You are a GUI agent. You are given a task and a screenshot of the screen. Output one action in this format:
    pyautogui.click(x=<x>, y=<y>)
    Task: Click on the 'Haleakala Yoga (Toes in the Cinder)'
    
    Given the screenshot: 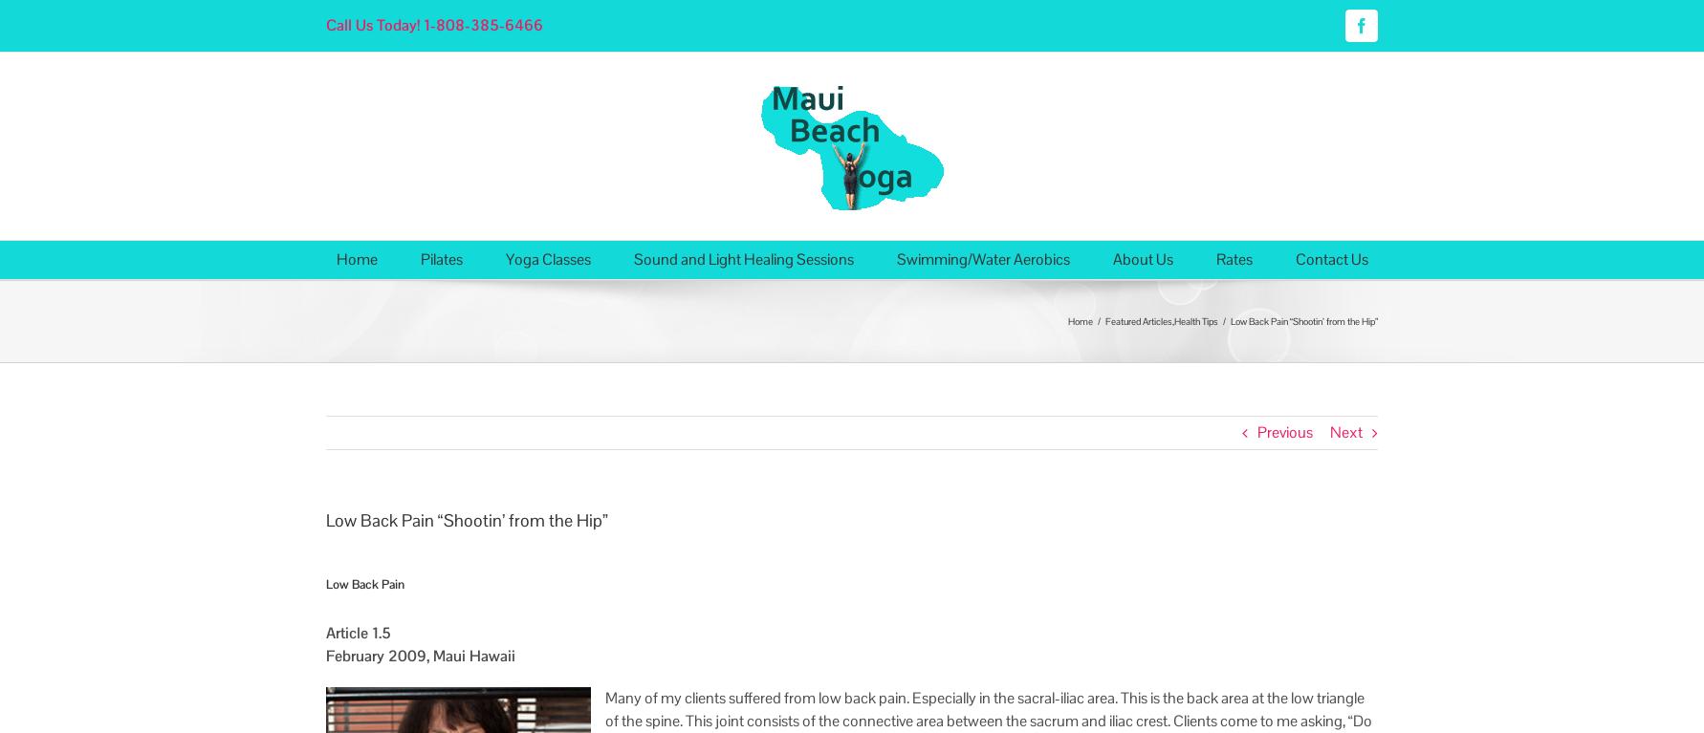 What is the action you would take?
    pyautogui.click(x=587, y=430)
    